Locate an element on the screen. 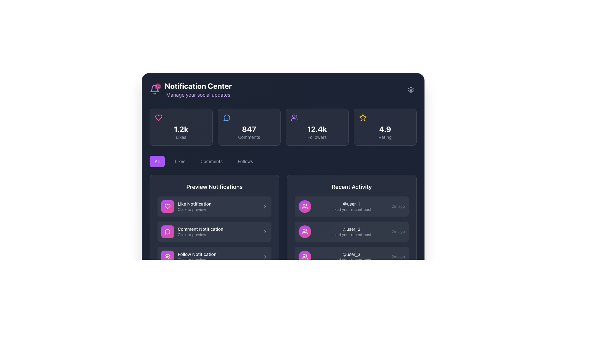  the text label that provides context to the notification regarding '@user_2', located in the 'Recent Activity' column, specifically the second entry in the list is located at coordinates (351, 235).